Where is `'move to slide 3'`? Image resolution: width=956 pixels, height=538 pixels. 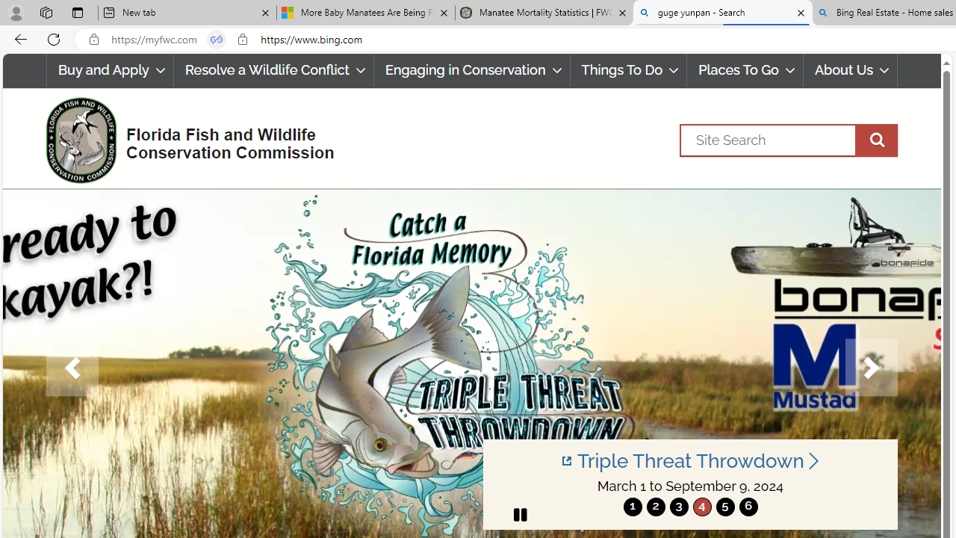
'move to slide 3' is located at coordinates (677, 506).